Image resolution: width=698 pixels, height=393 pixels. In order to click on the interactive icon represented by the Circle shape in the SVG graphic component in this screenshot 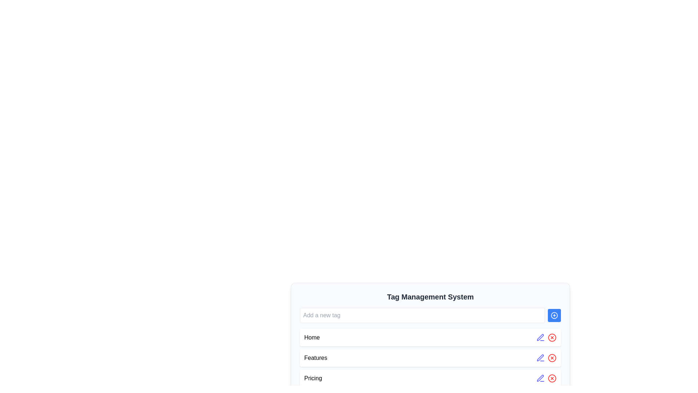, I will do `click(554, 315)`.